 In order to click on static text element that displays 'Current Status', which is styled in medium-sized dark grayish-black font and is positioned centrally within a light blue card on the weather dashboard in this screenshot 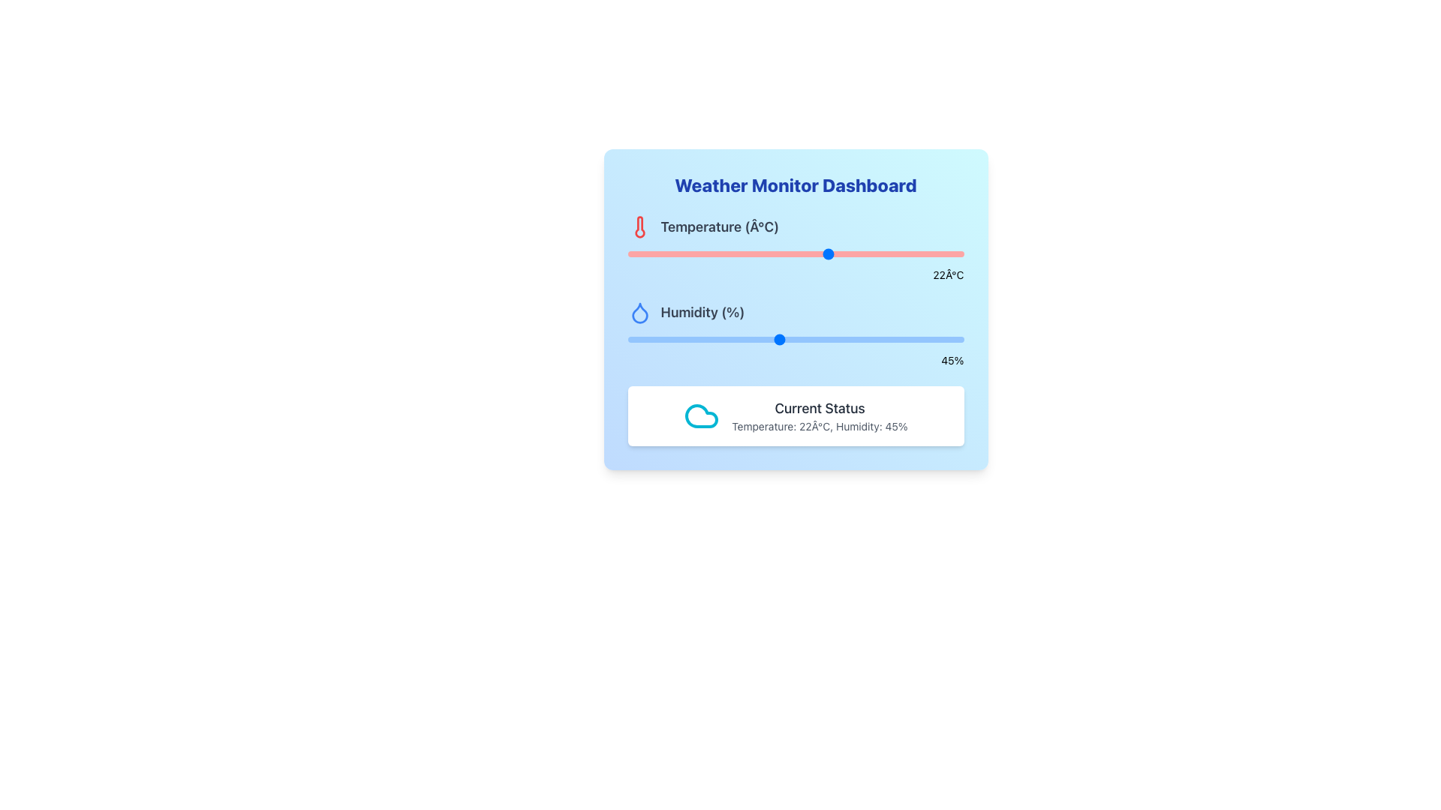, I will do `click(819, 408)`.